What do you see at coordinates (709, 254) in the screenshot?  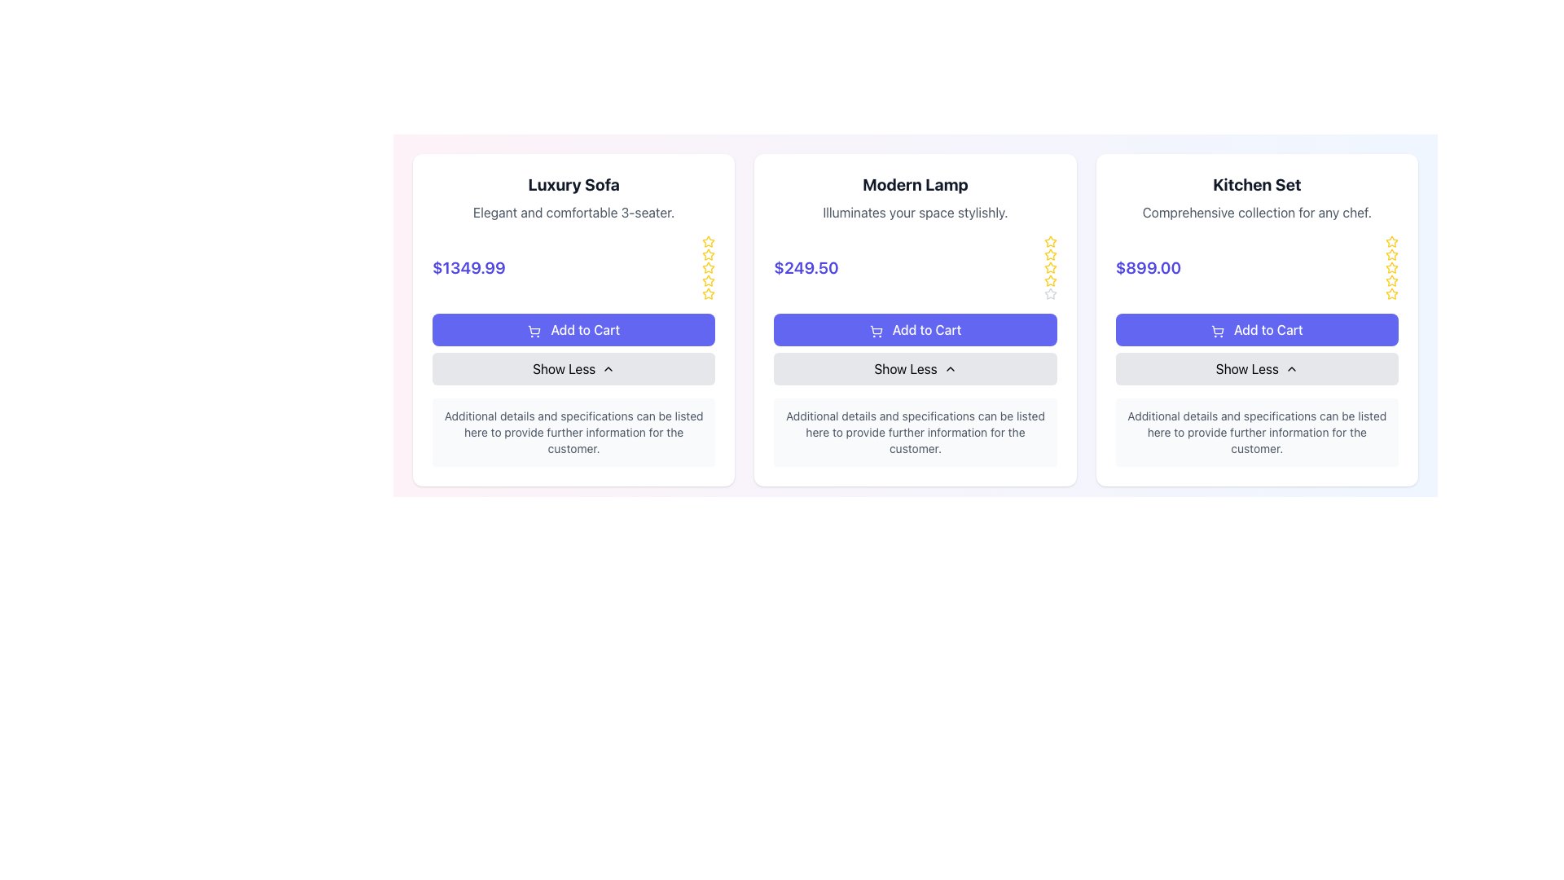 I see `the third yellow star icon in the vertical row of star icons on the right side of the 'Luxury Sofa' product card` at bounding box center [709, 254].